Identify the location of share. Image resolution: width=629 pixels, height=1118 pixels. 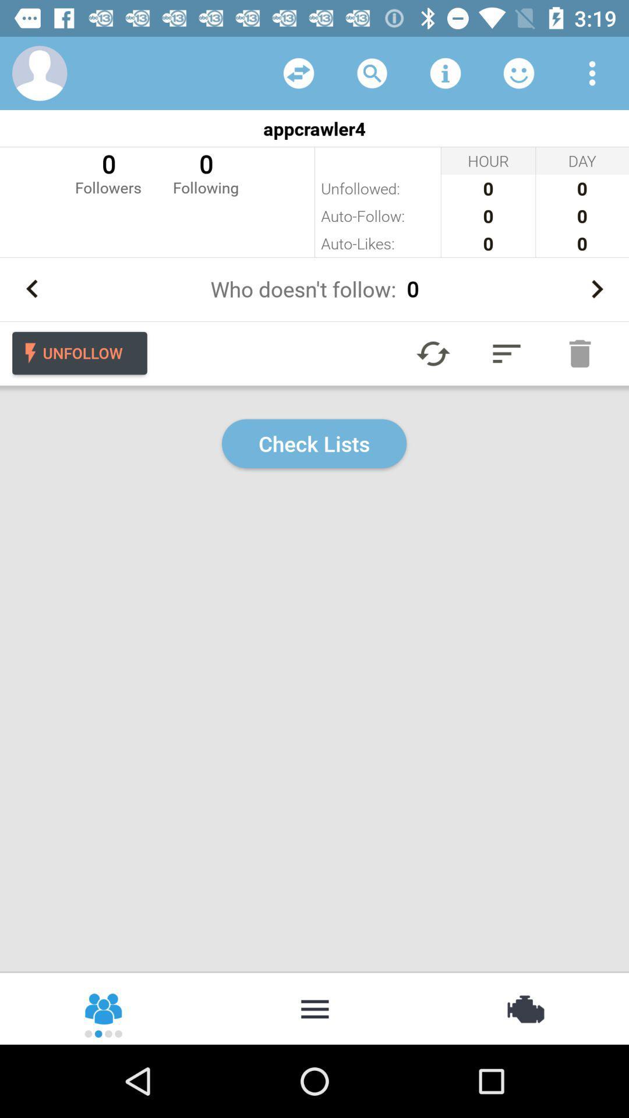
(298, 72).